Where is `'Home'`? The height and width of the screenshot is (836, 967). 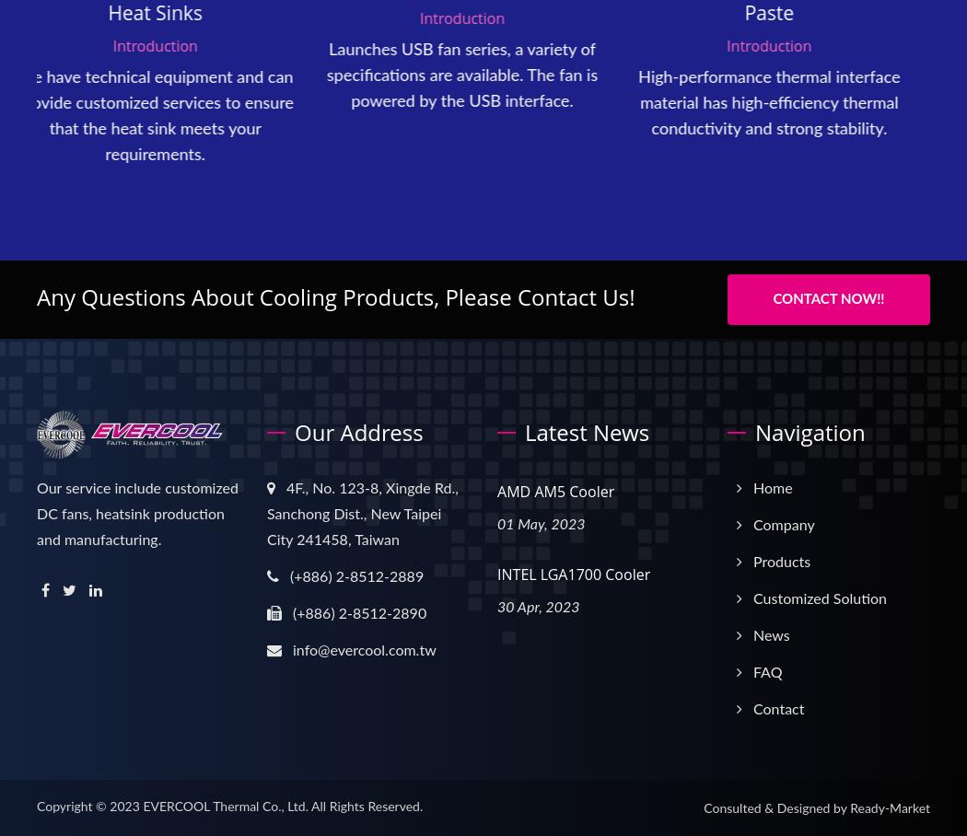
'Home' is located at coordinates (772, 487).